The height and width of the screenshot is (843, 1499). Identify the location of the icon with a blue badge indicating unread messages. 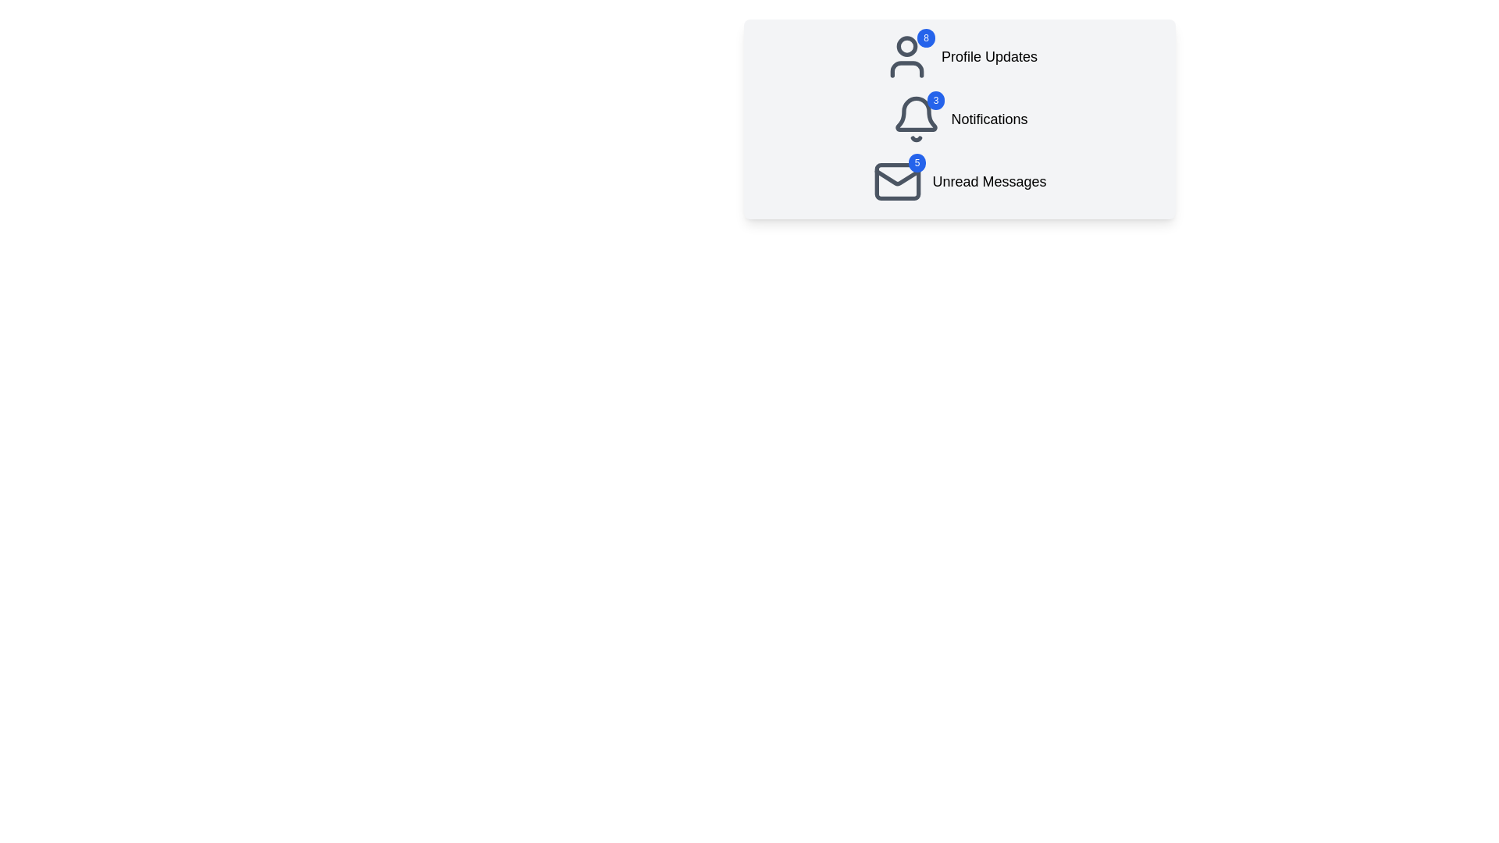
(898, 180).